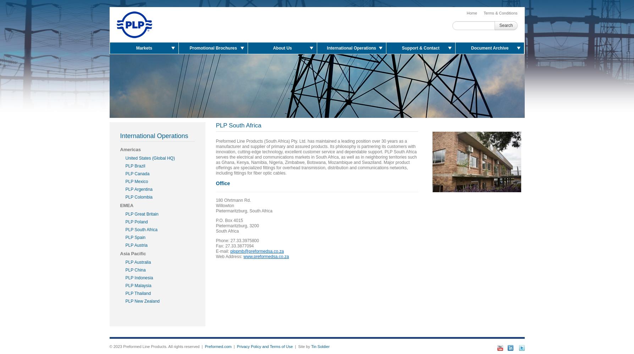 The height and width of the screenshot is (354, 634). Describe the element at coordinates (137, 173) in the screenshot. I see `'PLP Canada'` at that location.